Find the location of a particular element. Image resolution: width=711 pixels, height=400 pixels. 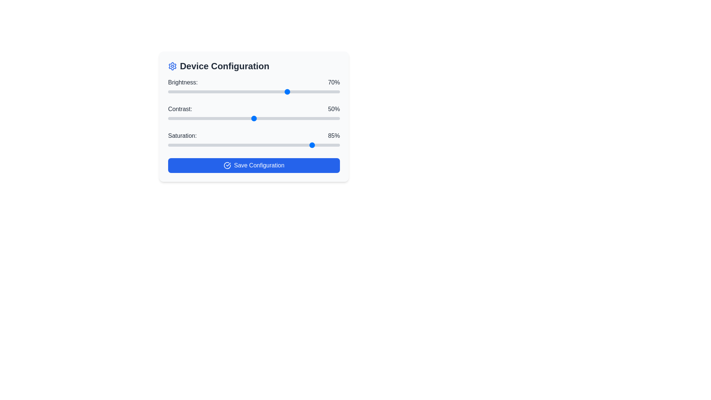

the text label displaying 'Brightness:' in black font, which is positioned at the top of the 'Device Configuration' panel, aligned horizontally with the numeric value '70%' is located at coordinates (183, 83).